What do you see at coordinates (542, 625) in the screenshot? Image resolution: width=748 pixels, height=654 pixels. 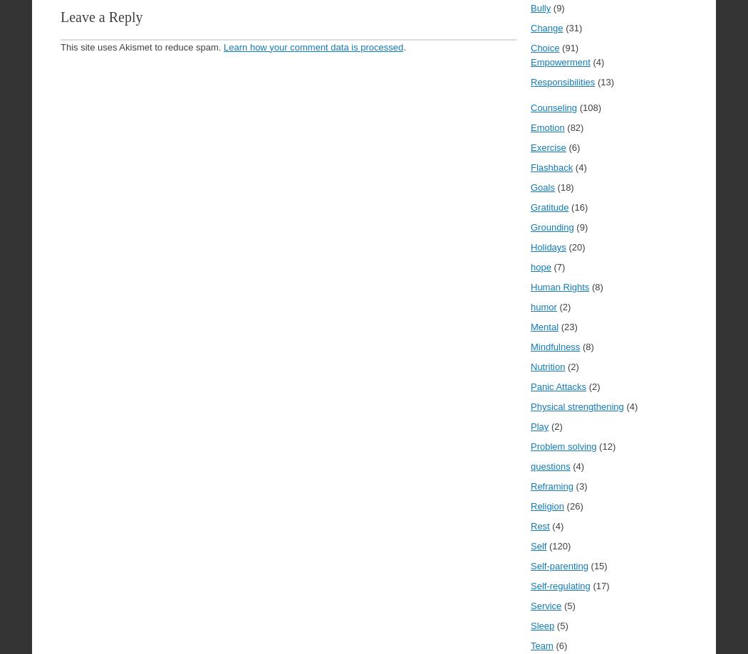 I see `'Sleep'` at bounding box center [542, 625].